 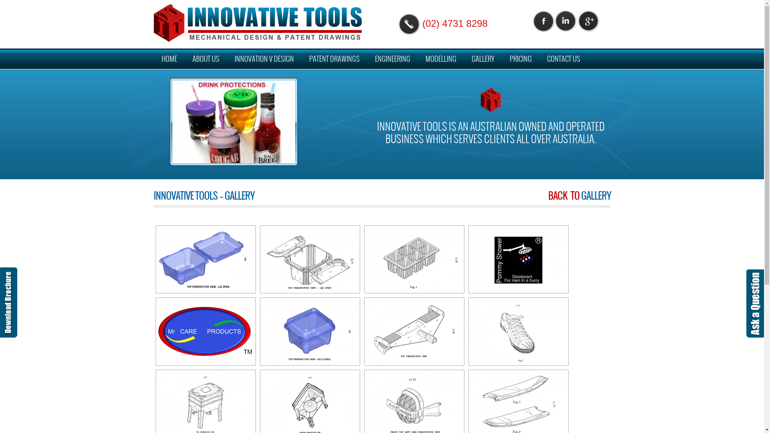 I want to click on 'google plus', so click(x=589, y=20).